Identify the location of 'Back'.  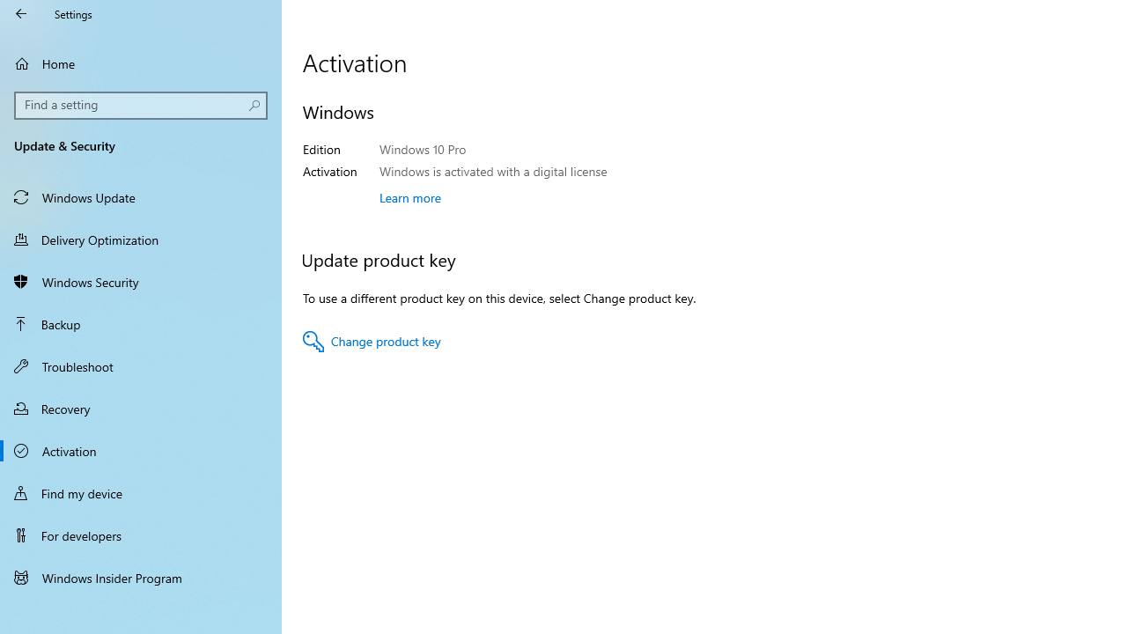
(21, 13).